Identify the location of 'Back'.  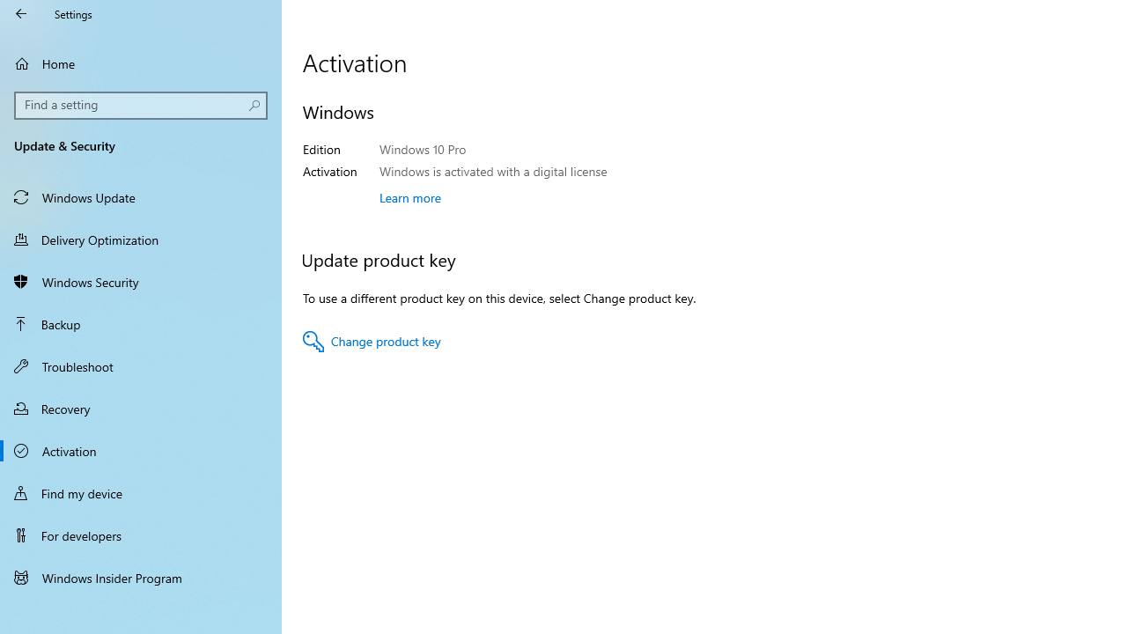
(21, 13).